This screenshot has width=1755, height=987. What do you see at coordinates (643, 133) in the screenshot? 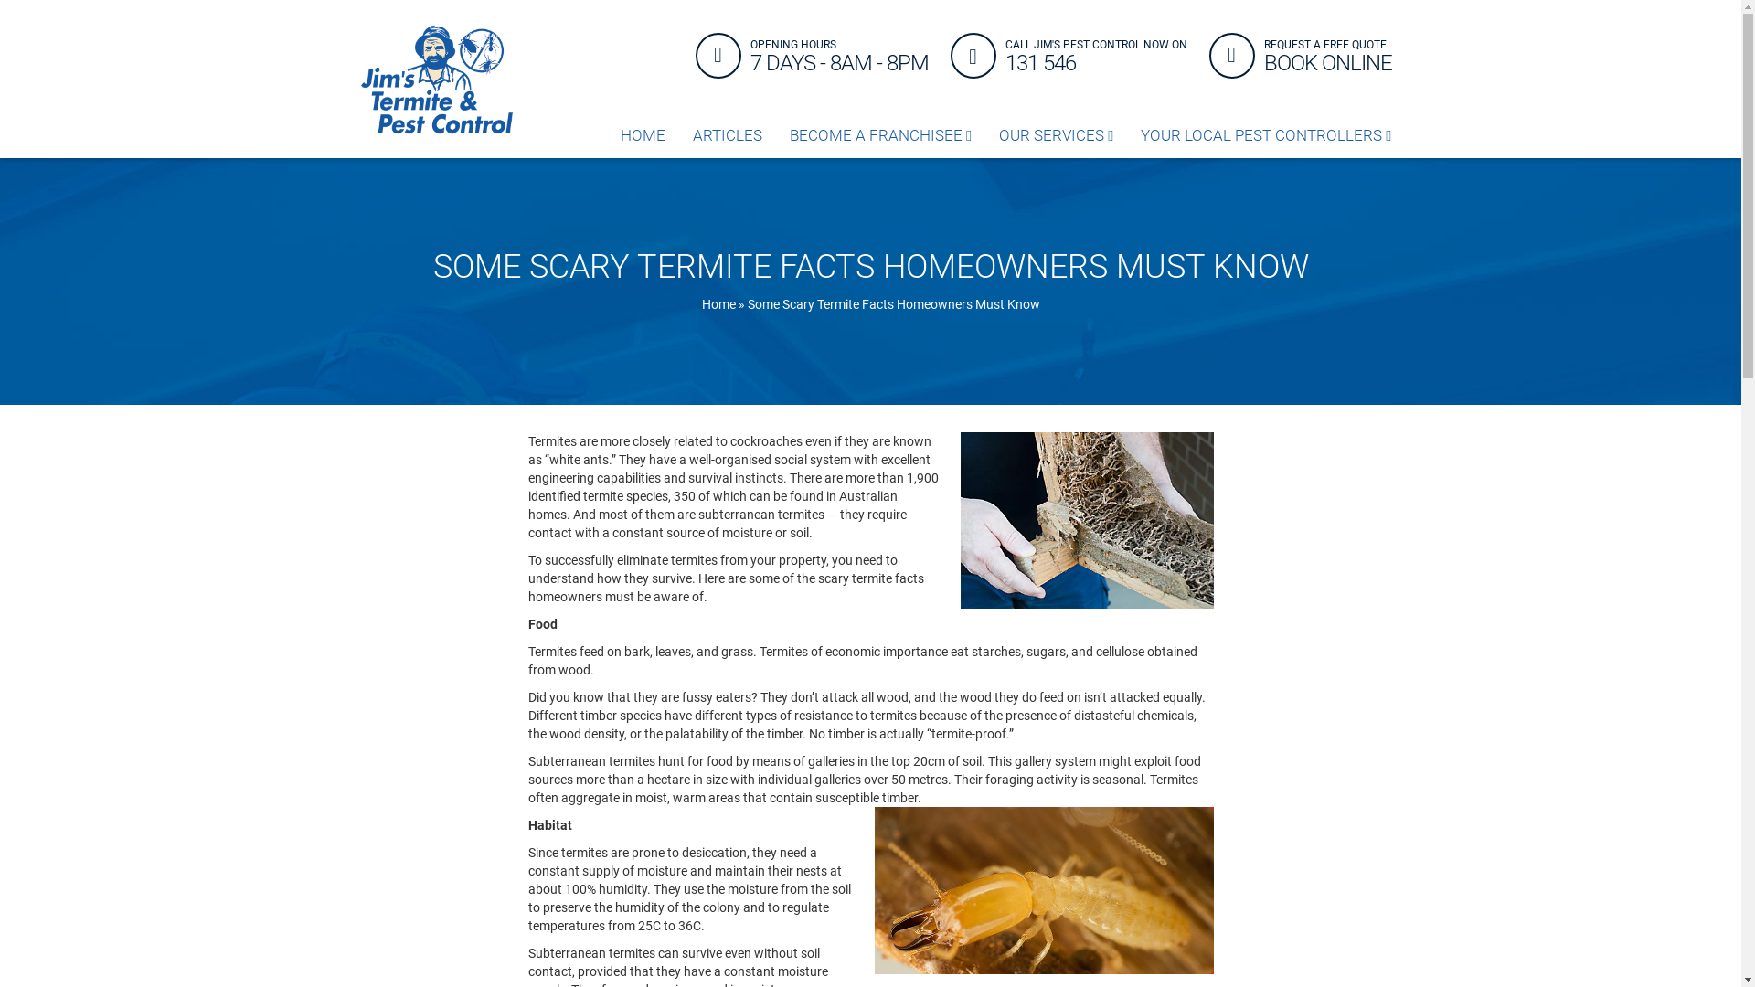
I see `'HOME'` at bounding box center [643, 133].